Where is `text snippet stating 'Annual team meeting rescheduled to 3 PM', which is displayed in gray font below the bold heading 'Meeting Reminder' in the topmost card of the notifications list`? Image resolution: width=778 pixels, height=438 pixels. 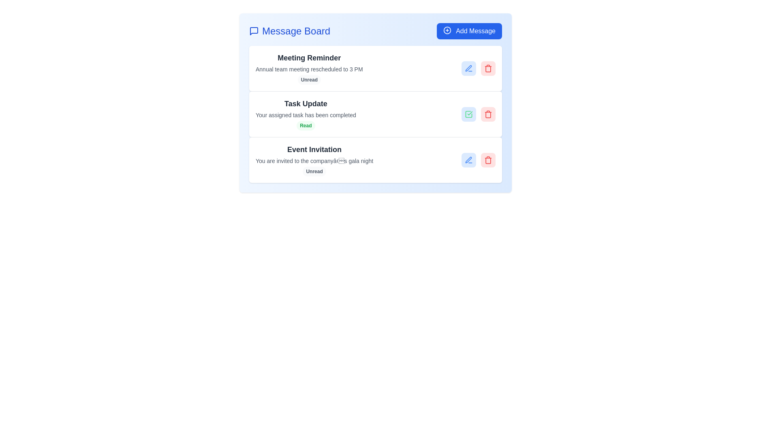 text snippet stating 'Annual team meeting rescheduled to 3 PM', which is displayed in gray font below the bold heading 'Meeting Reminder' in the topmost card of the notifications list is located at coordinates (309, 69).